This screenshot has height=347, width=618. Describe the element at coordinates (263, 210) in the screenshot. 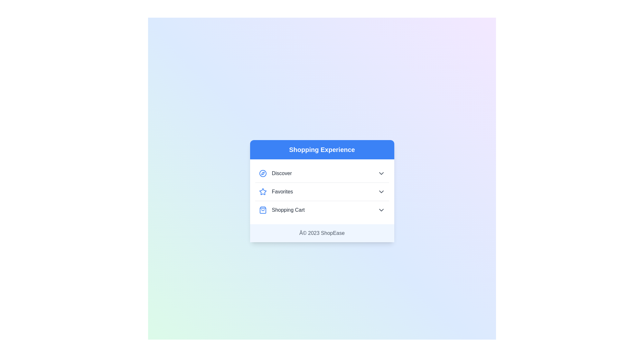

I see `the icon next to the category Shopping Cart` at that location.